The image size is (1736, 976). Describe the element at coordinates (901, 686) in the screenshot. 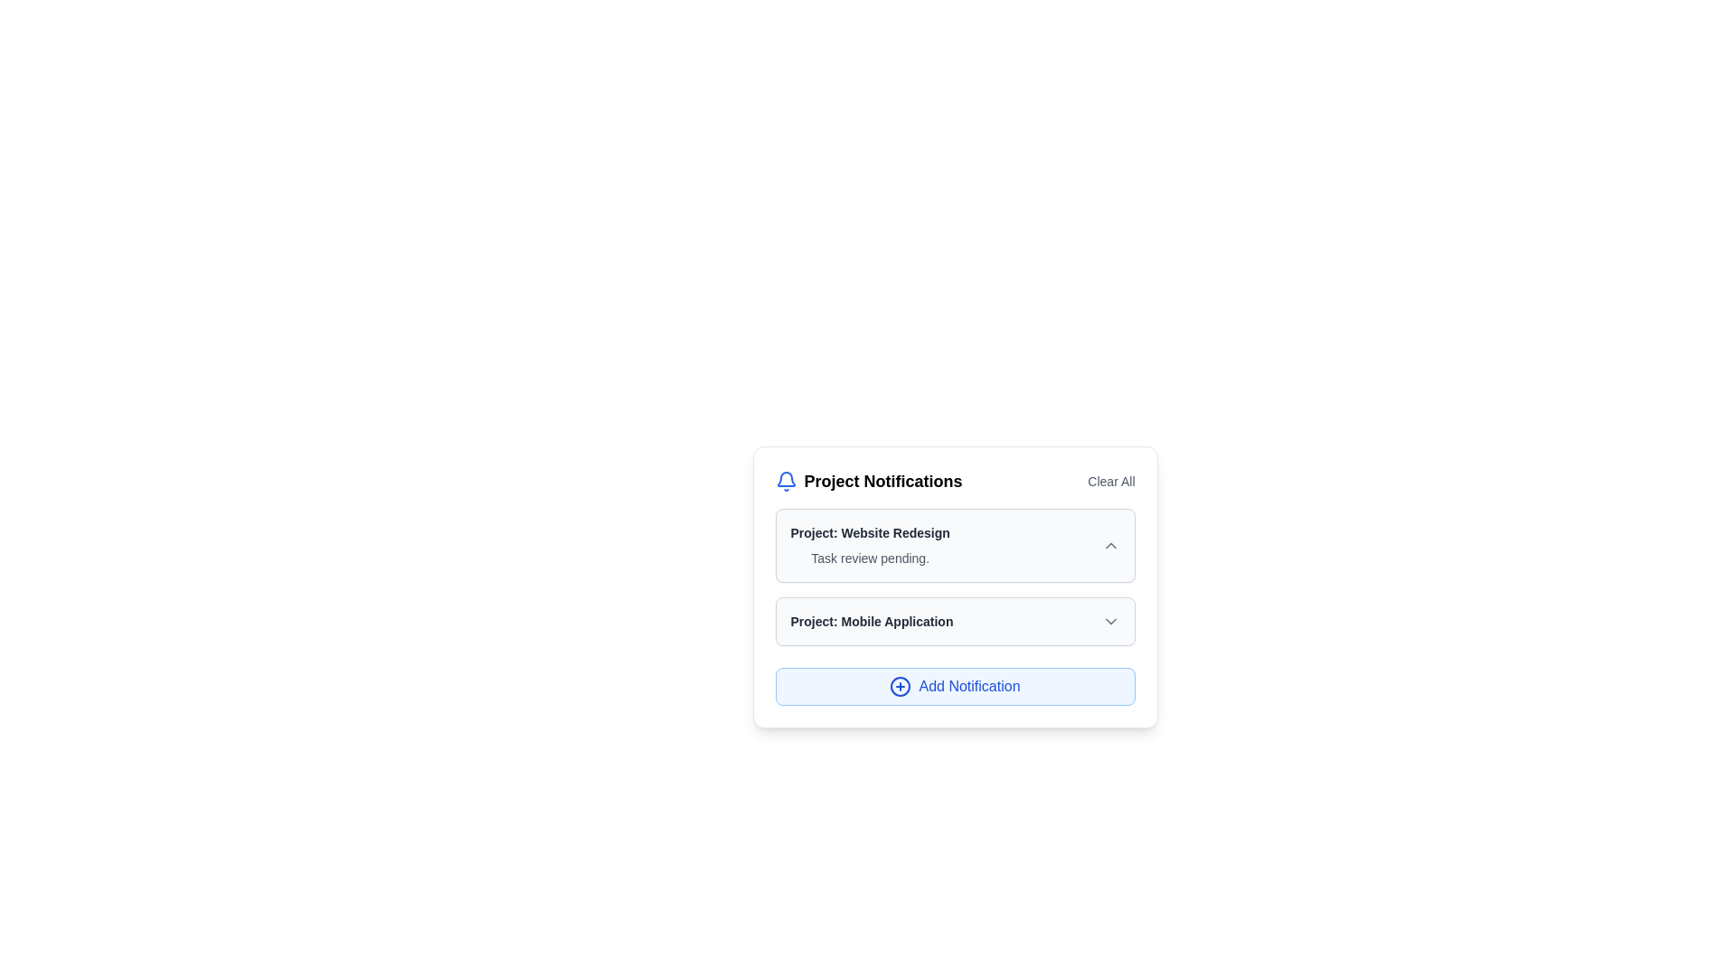

I see `the 'Add Notification' button which contains the circular icon, located at the bottom of the 'Project Notifications' section` at that location.